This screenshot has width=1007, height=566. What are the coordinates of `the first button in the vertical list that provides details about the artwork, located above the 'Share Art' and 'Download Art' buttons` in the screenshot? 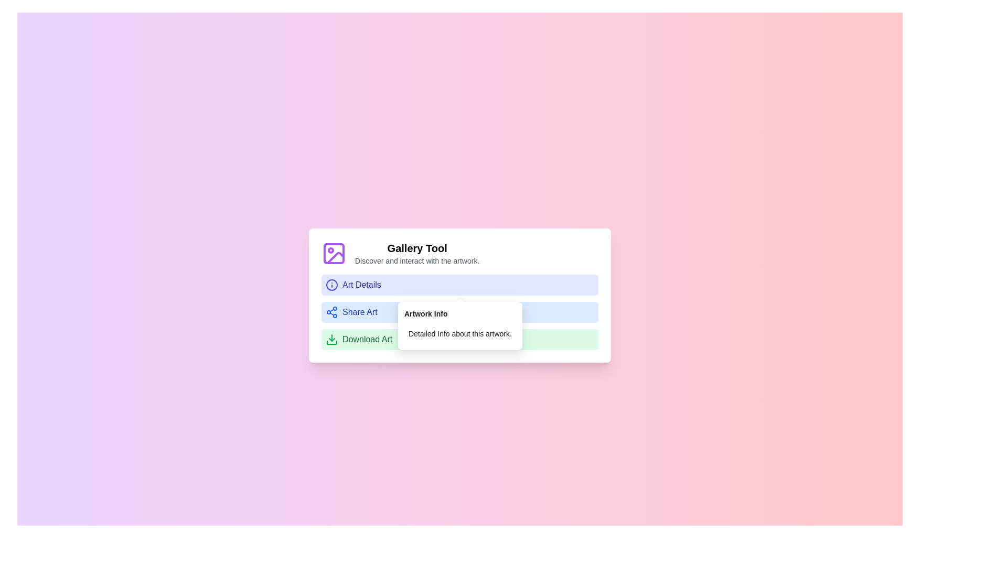 It's located at (460, 285).